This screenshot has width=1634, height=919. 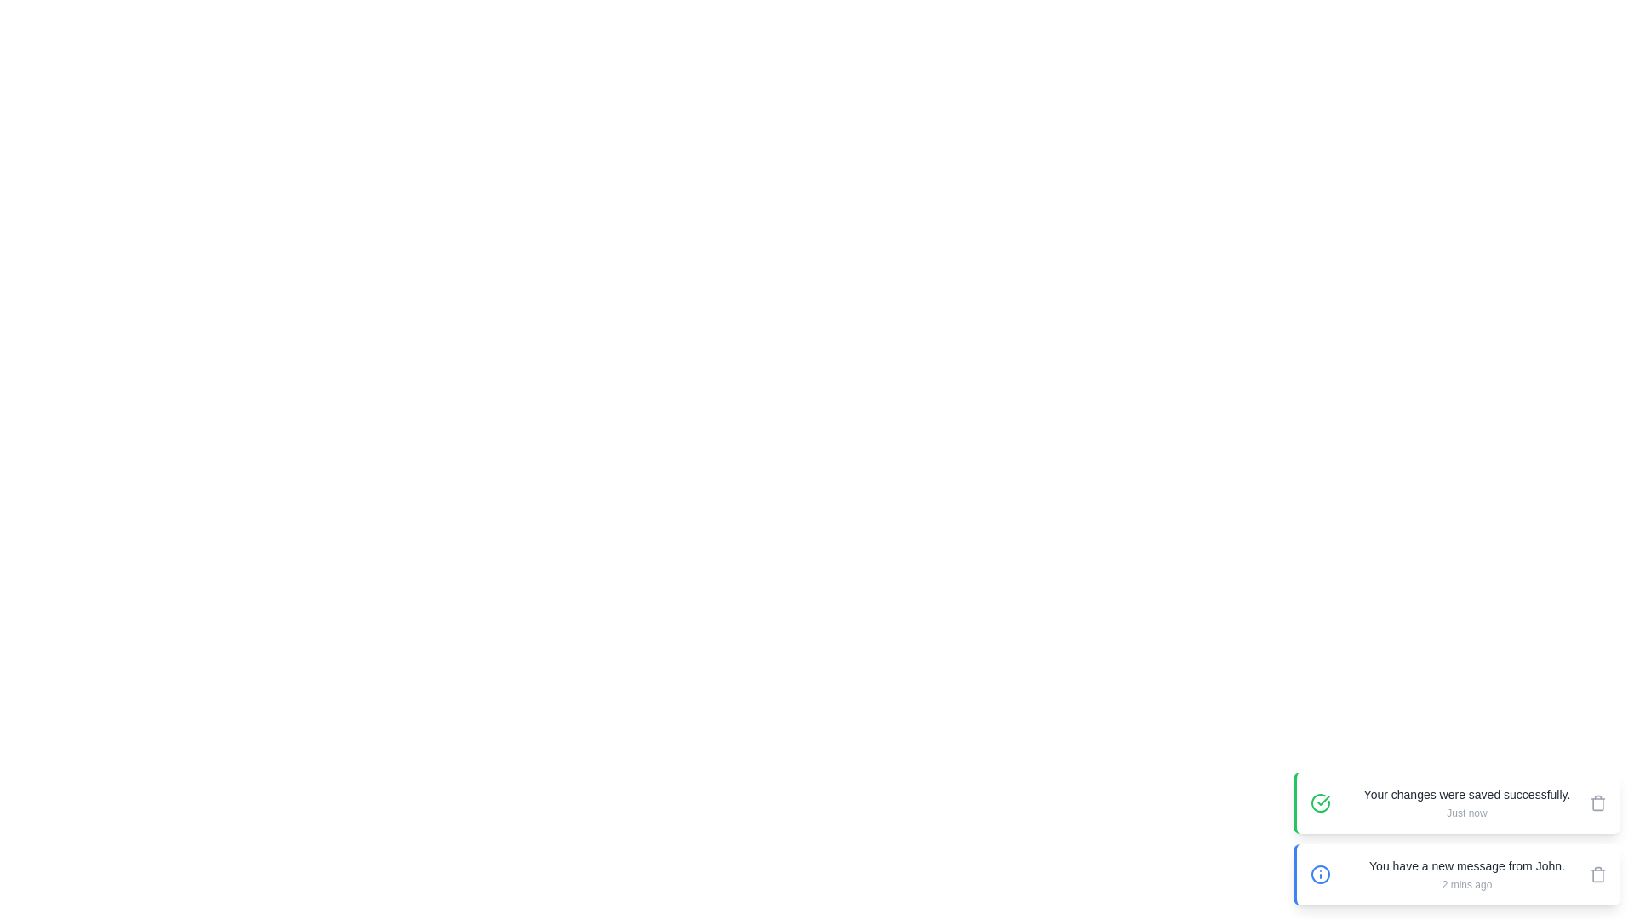 What do you see at coordinates (1319, 875) in the screenshot?
I see `the icon of the snackbar with the message 'You have a new message from John.'` at bounding box center [1319, 875].